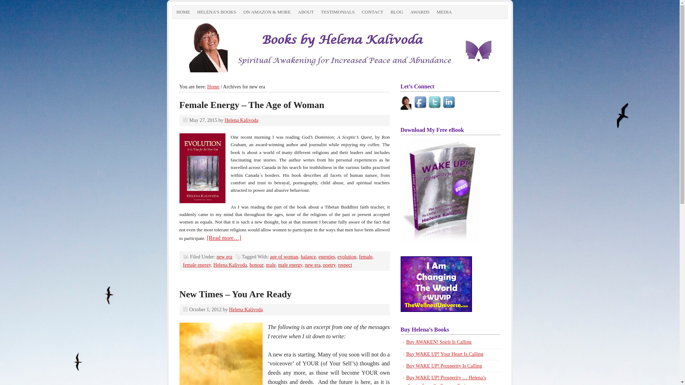 This screenshot has width=685, height=385. I want to click on 'linkedin', so click(449, 103).